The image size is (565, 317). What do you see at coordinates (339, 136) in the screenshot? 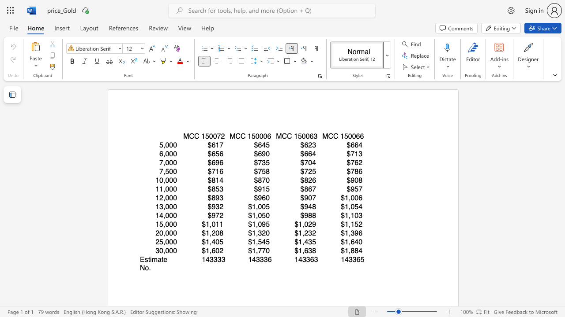
I see `the subset text "150066" within the text "MCC 150066"` at bounding box center [339, 136].